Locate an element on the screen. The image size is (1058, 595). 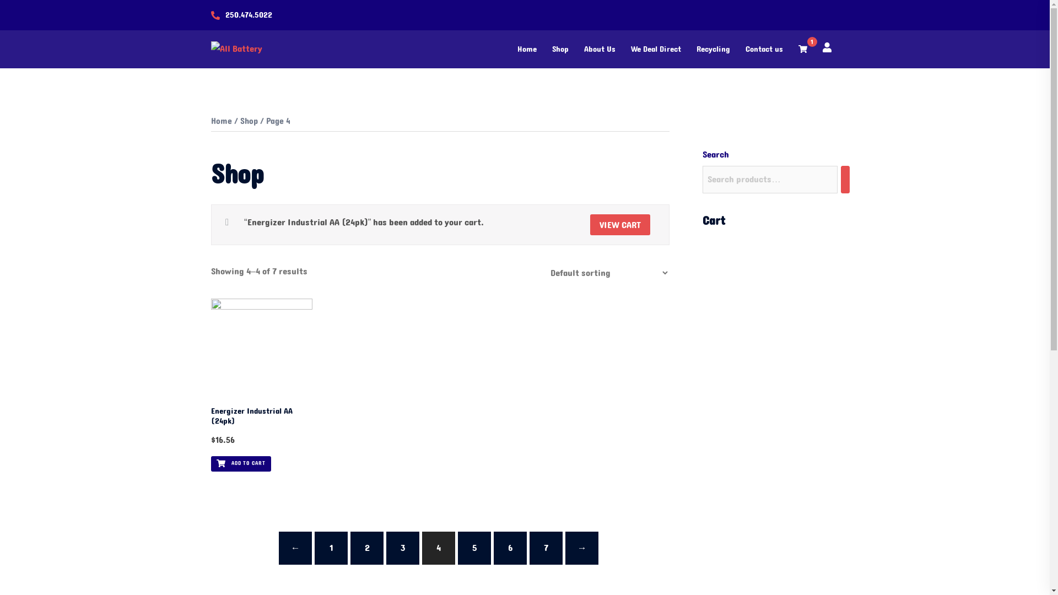
'VIEW CART' is located at coordinates (620, 224).